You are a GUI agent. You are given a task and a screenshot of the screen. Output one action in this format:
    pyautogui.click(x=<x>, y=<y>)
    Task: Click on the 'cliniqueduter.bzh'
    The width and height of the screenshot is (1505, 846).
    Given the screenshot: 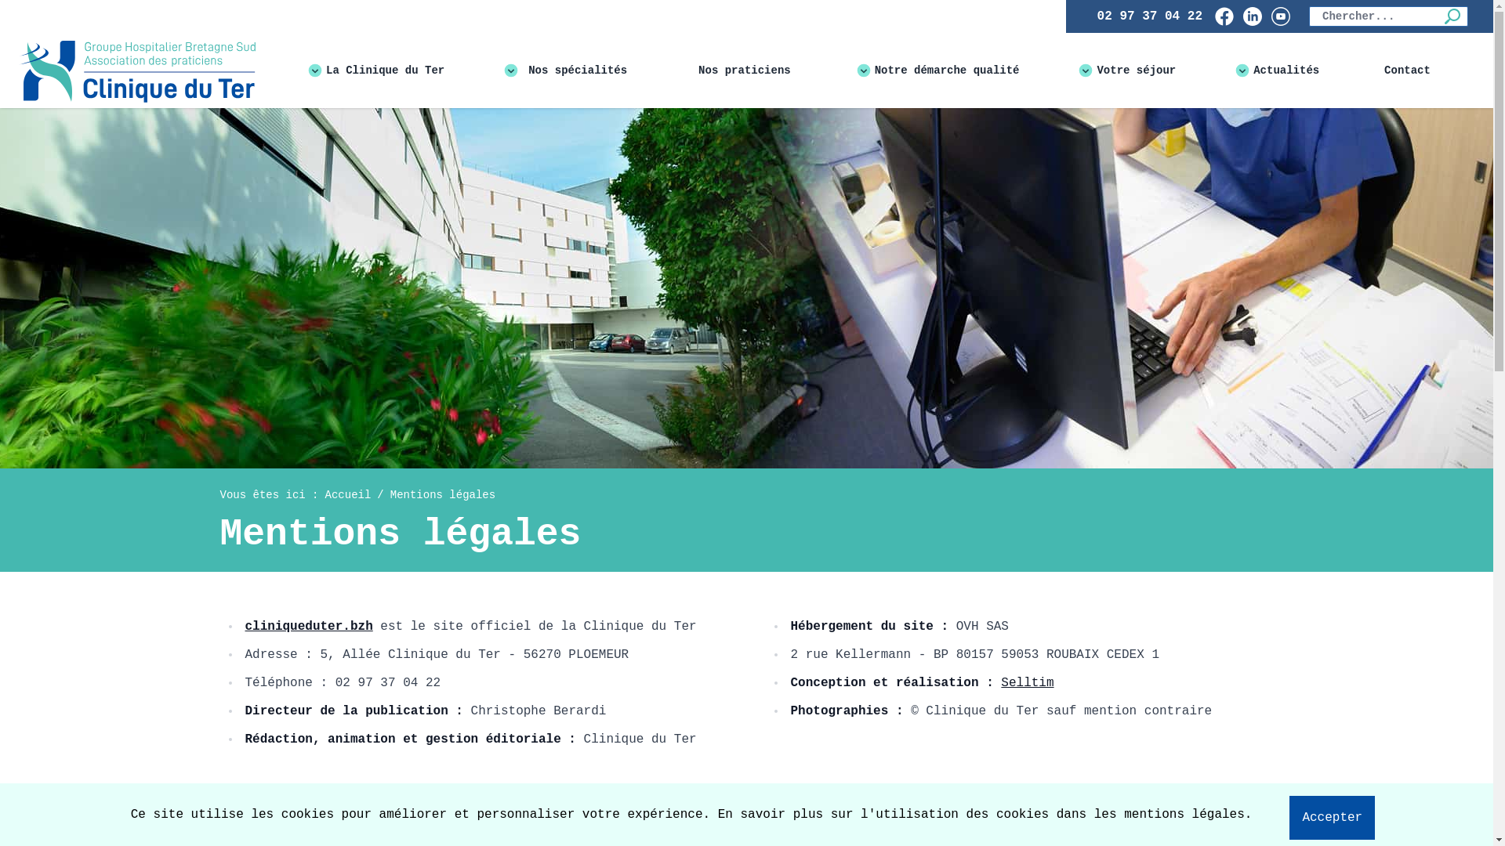 What is the action you would take?
    pyautogui.click(x=308, y=625)
    